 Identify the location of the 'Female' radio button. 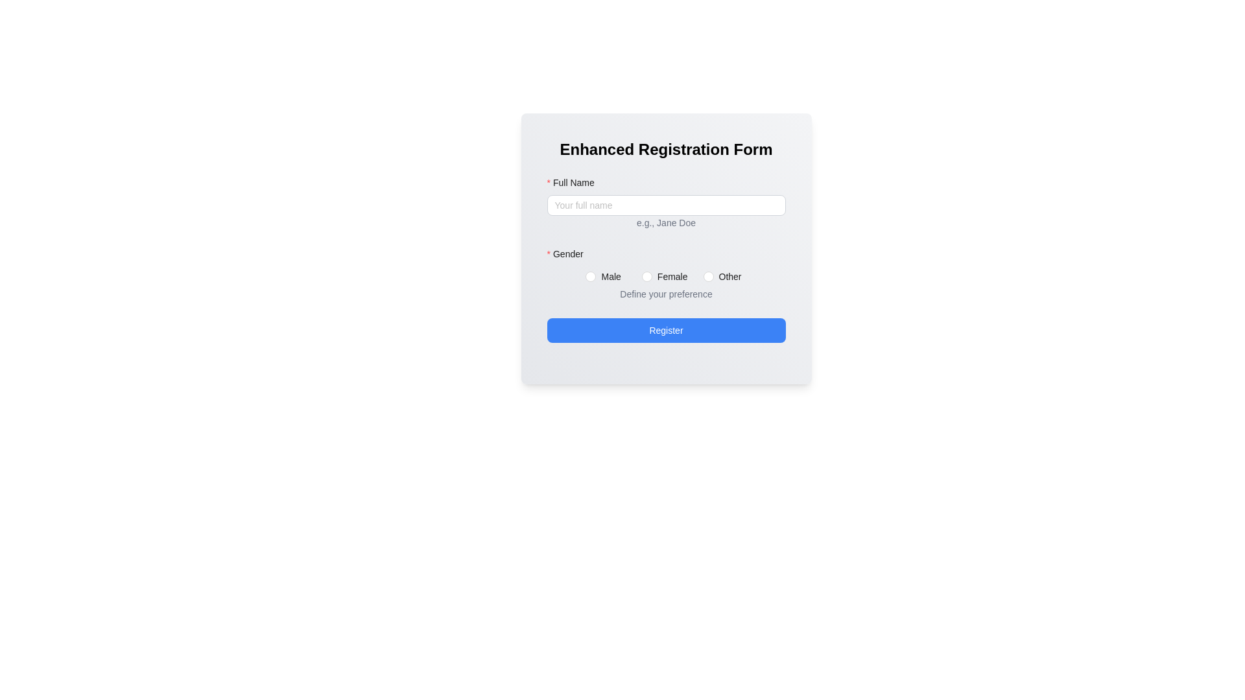
(646, 276).